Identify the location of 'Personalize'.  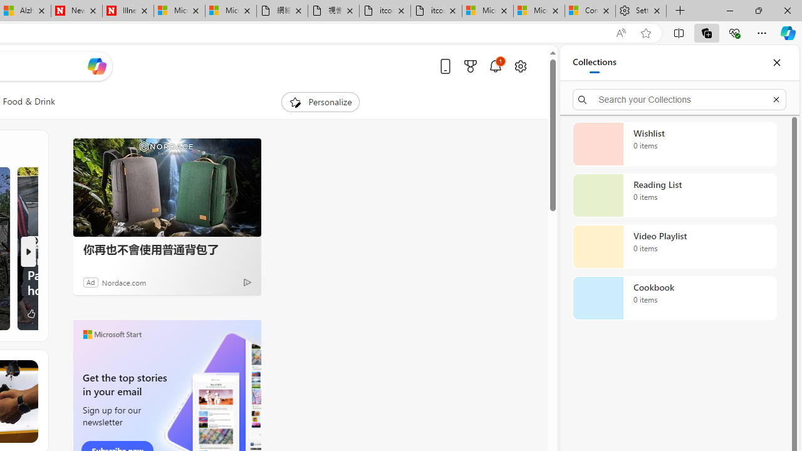
(321, 101).